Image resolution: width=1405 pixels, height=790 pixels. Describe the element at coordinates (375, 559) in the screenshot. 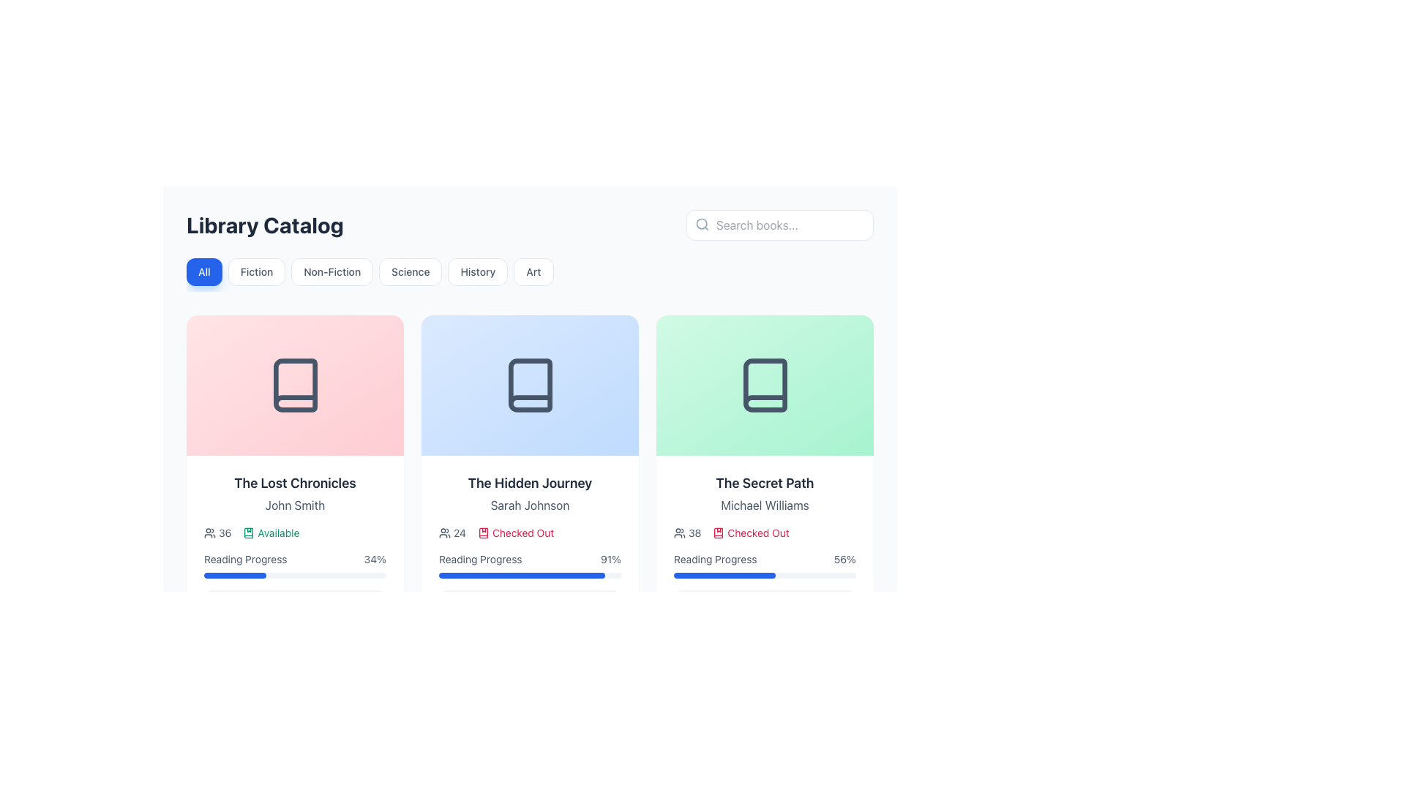

I see `the static text label displaying the reading progress percentage for 'The Lost Chronicles', which is located to the right of the 'Reading Progress' label in the first card` at that location.